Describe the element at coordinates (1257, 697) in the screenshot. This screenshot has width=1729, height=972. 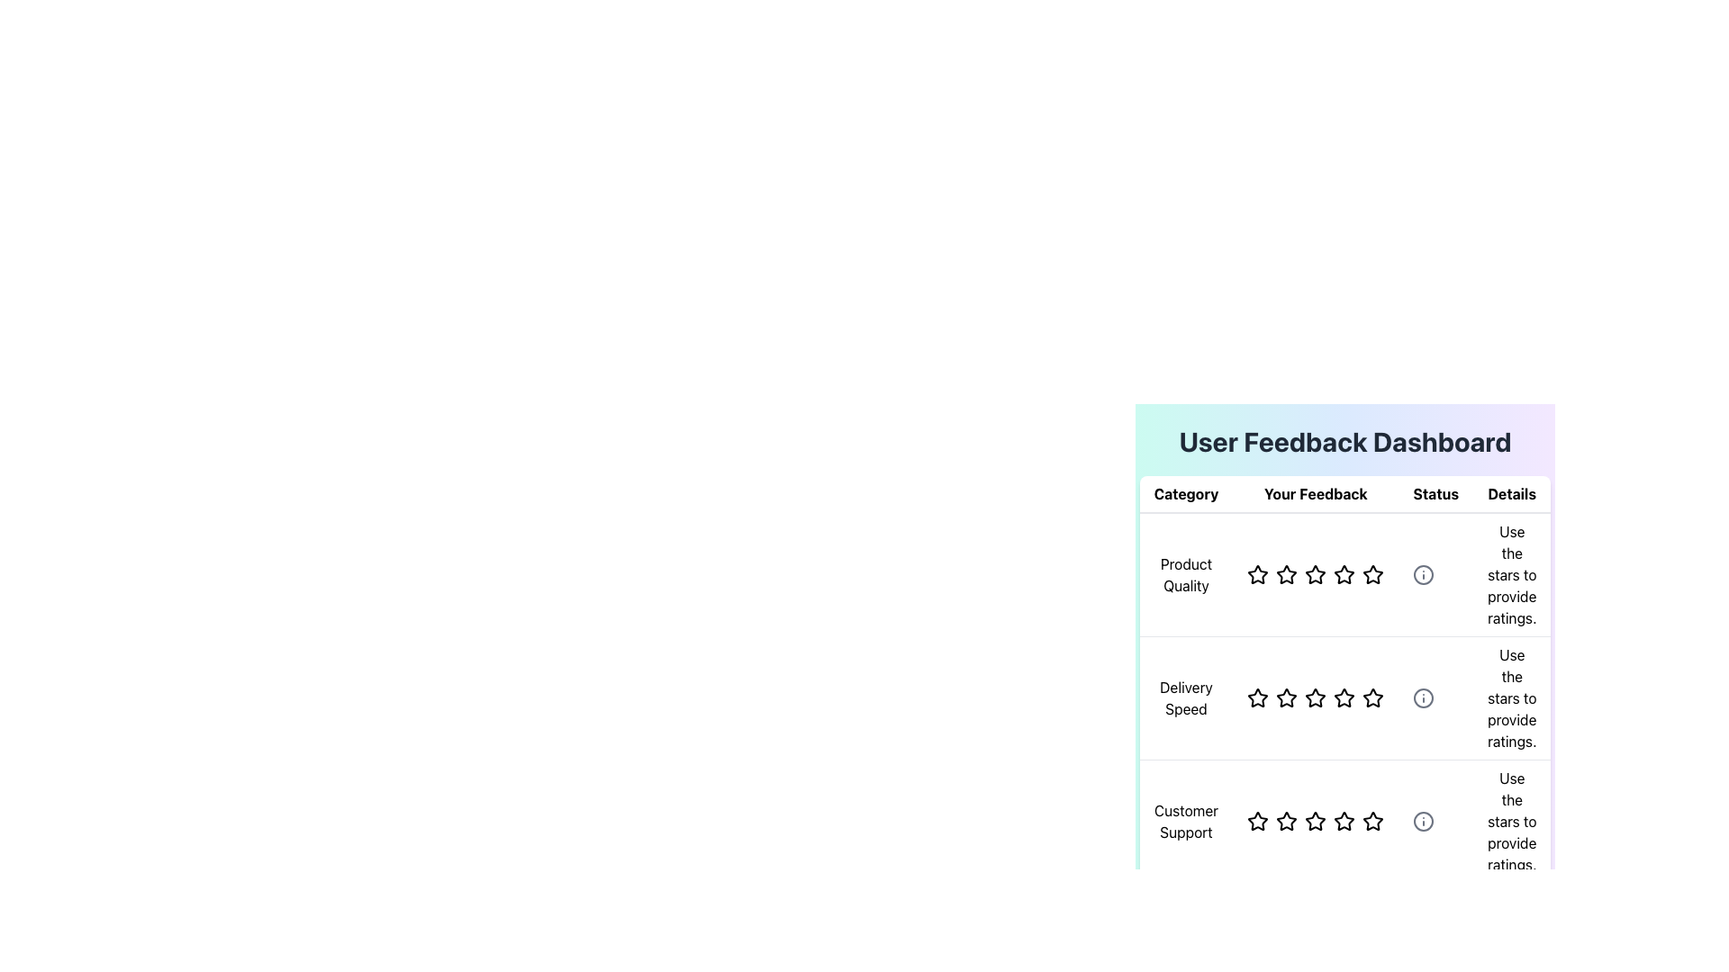
I see `the first star-shaped rating icon in the 'Delivery Speed' category under 'Your Feedback' to rate` at that location.